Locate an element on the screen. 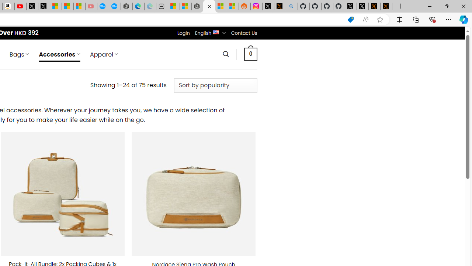  'help.x.com | 524: A timeout occurred' is located at coordinates (280, 6).